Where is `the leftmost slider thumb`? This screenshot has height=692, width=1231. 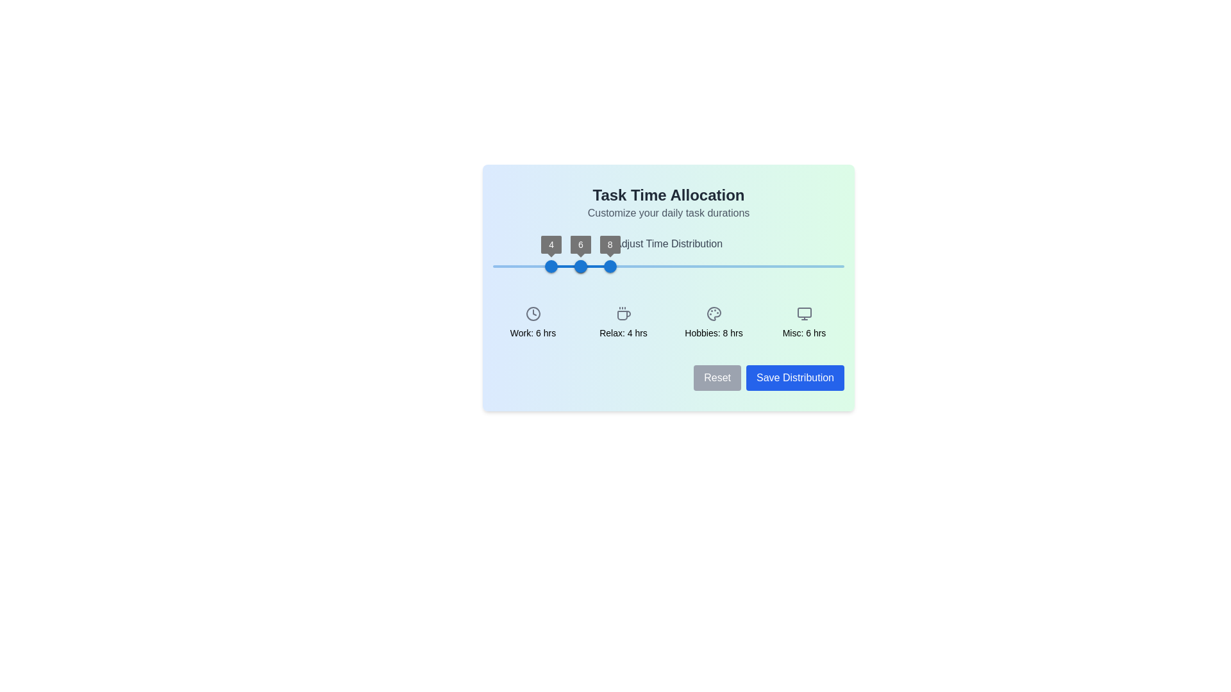
the leftmost slider thumb is located at coordinates (551, 266).